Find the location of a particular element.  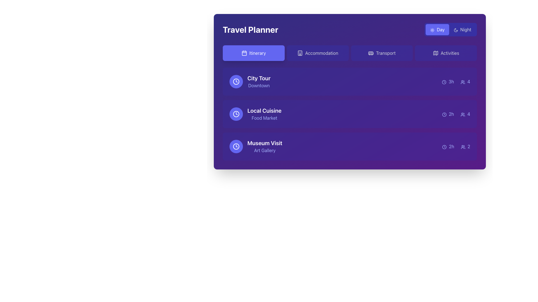

the list item titled 'Local Cuisine' in the 'Travel Planner' interface is located at coordinates (349, 114).